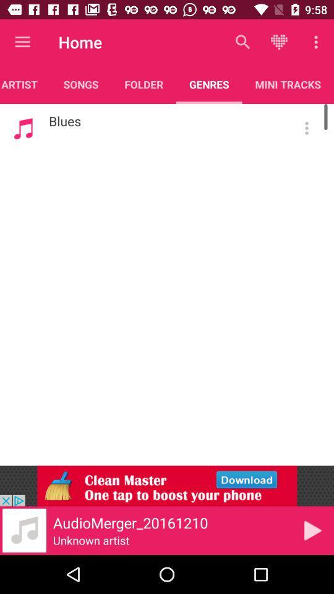  Describe the element at coordinates (167, 486) in the screenshot. I see `advertisement to install clean master app` at that location.